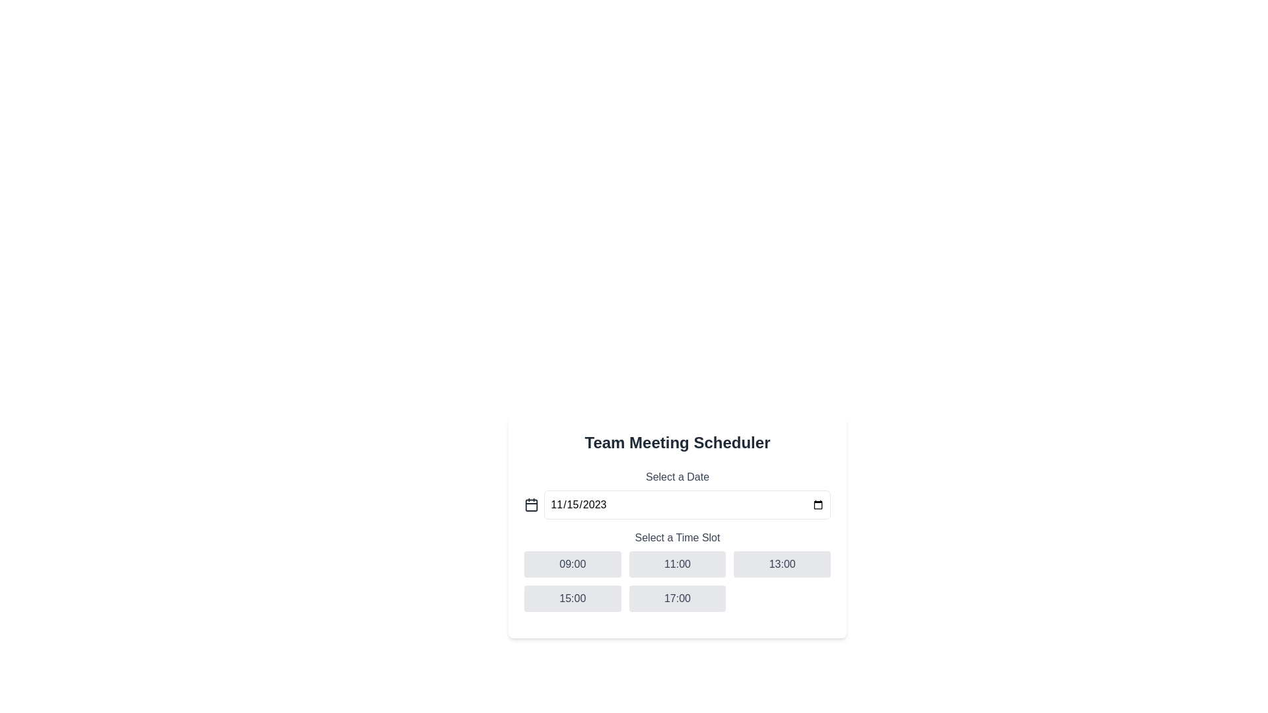 Image resolution: width=1268 pixels, height=713 pixels. What do you see at coordinates (678, 598) in the screenshot?
I see `the selectable time slot button for '17:00' in the time selection interface` at bounding box center [678, 598].